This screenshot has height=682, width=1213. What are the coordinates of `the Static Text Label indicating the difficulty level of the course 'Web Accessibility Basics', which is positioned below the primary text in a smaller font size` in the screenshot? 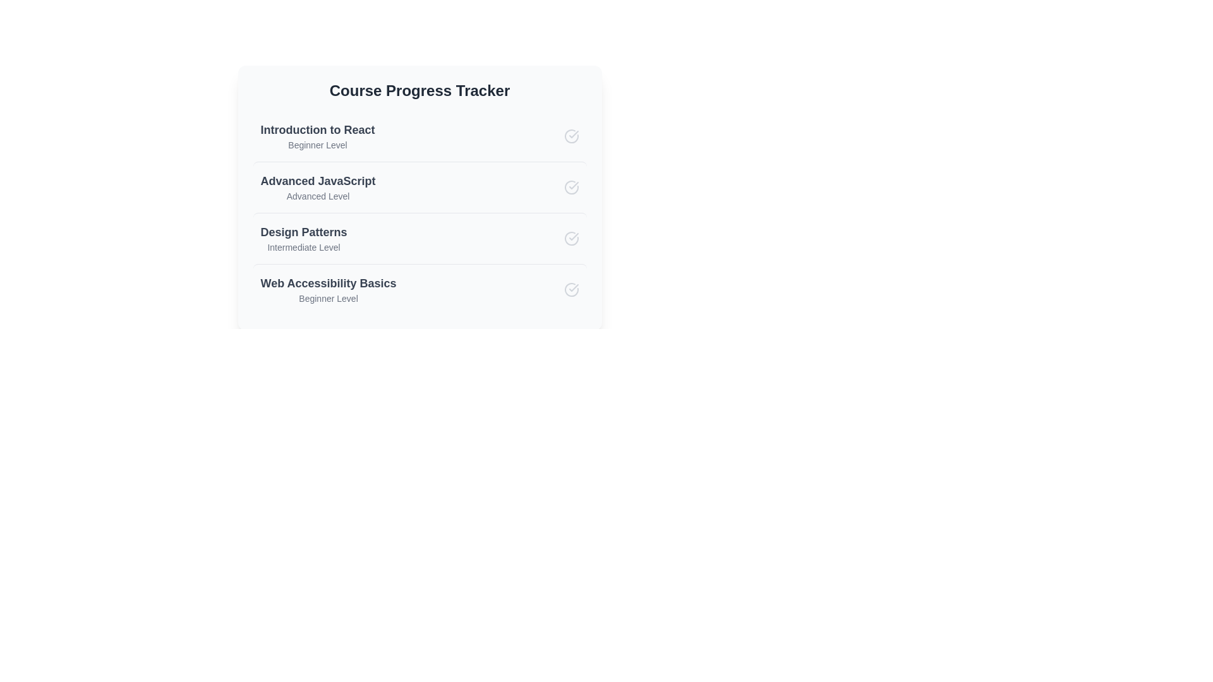 It's located at (329, 299).